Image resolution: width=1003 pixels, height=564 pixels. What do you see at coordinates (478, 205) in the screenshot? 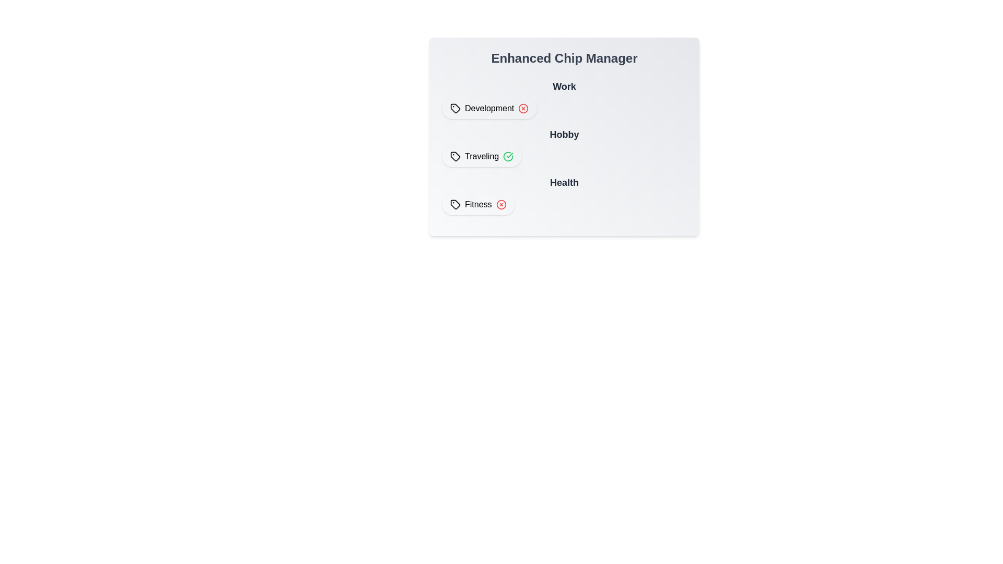
I see `the chip labeled Fitness` at bounding box center [478, 205].